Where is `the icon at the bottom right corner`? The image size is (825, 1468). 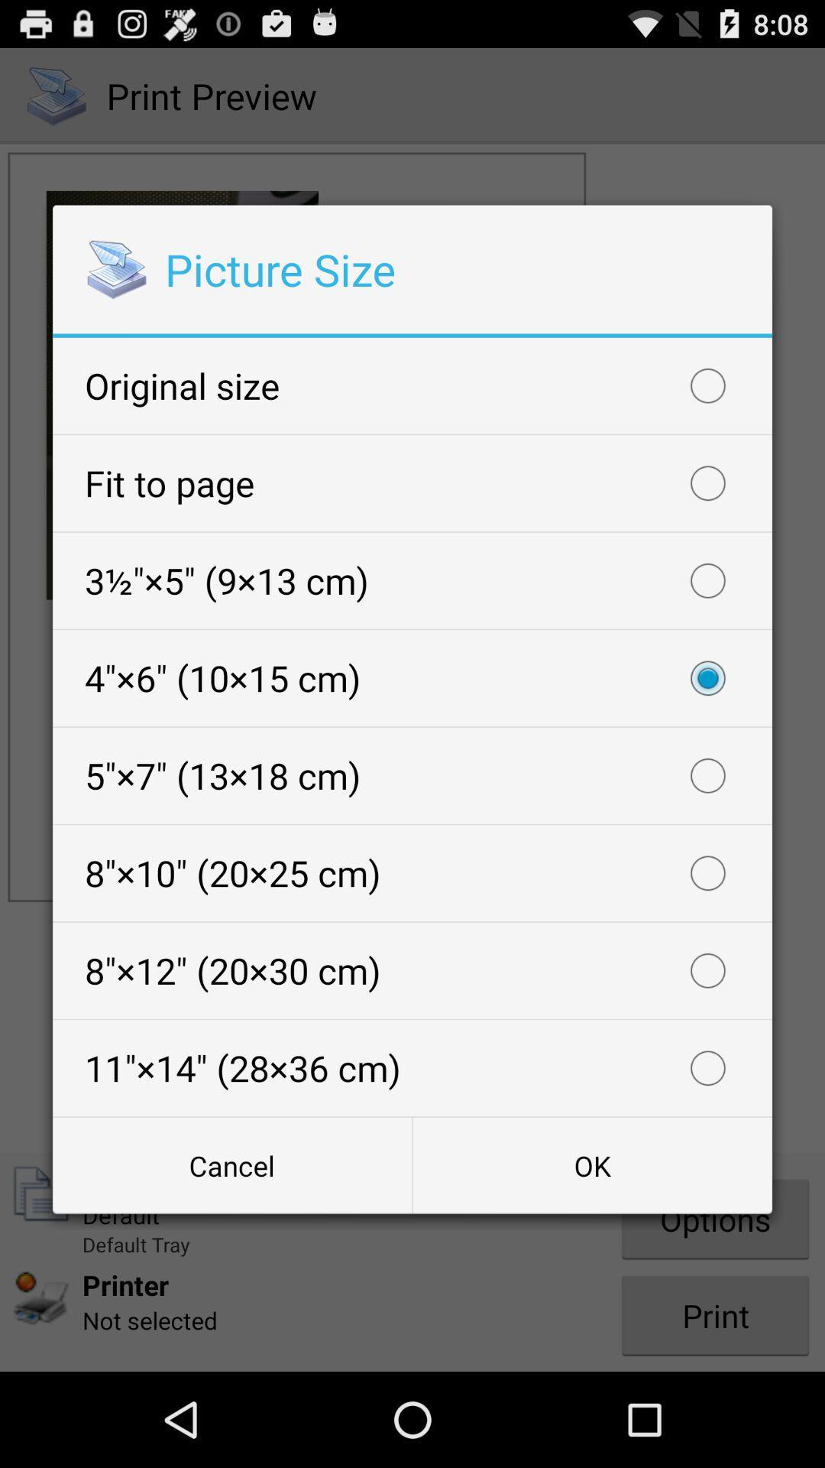 the icon at the bottom right corner is located at coordinates (591, 1164).